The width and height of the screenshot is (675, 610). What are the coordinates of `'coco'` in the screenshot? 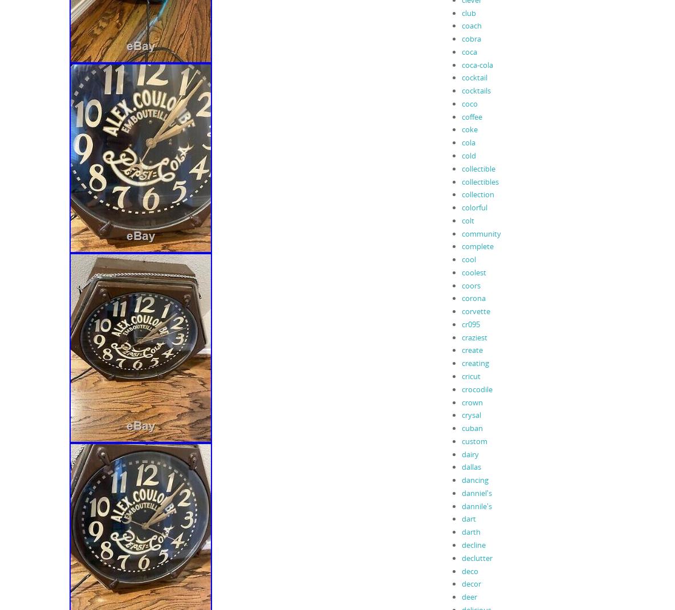 It's located at (461, 103).